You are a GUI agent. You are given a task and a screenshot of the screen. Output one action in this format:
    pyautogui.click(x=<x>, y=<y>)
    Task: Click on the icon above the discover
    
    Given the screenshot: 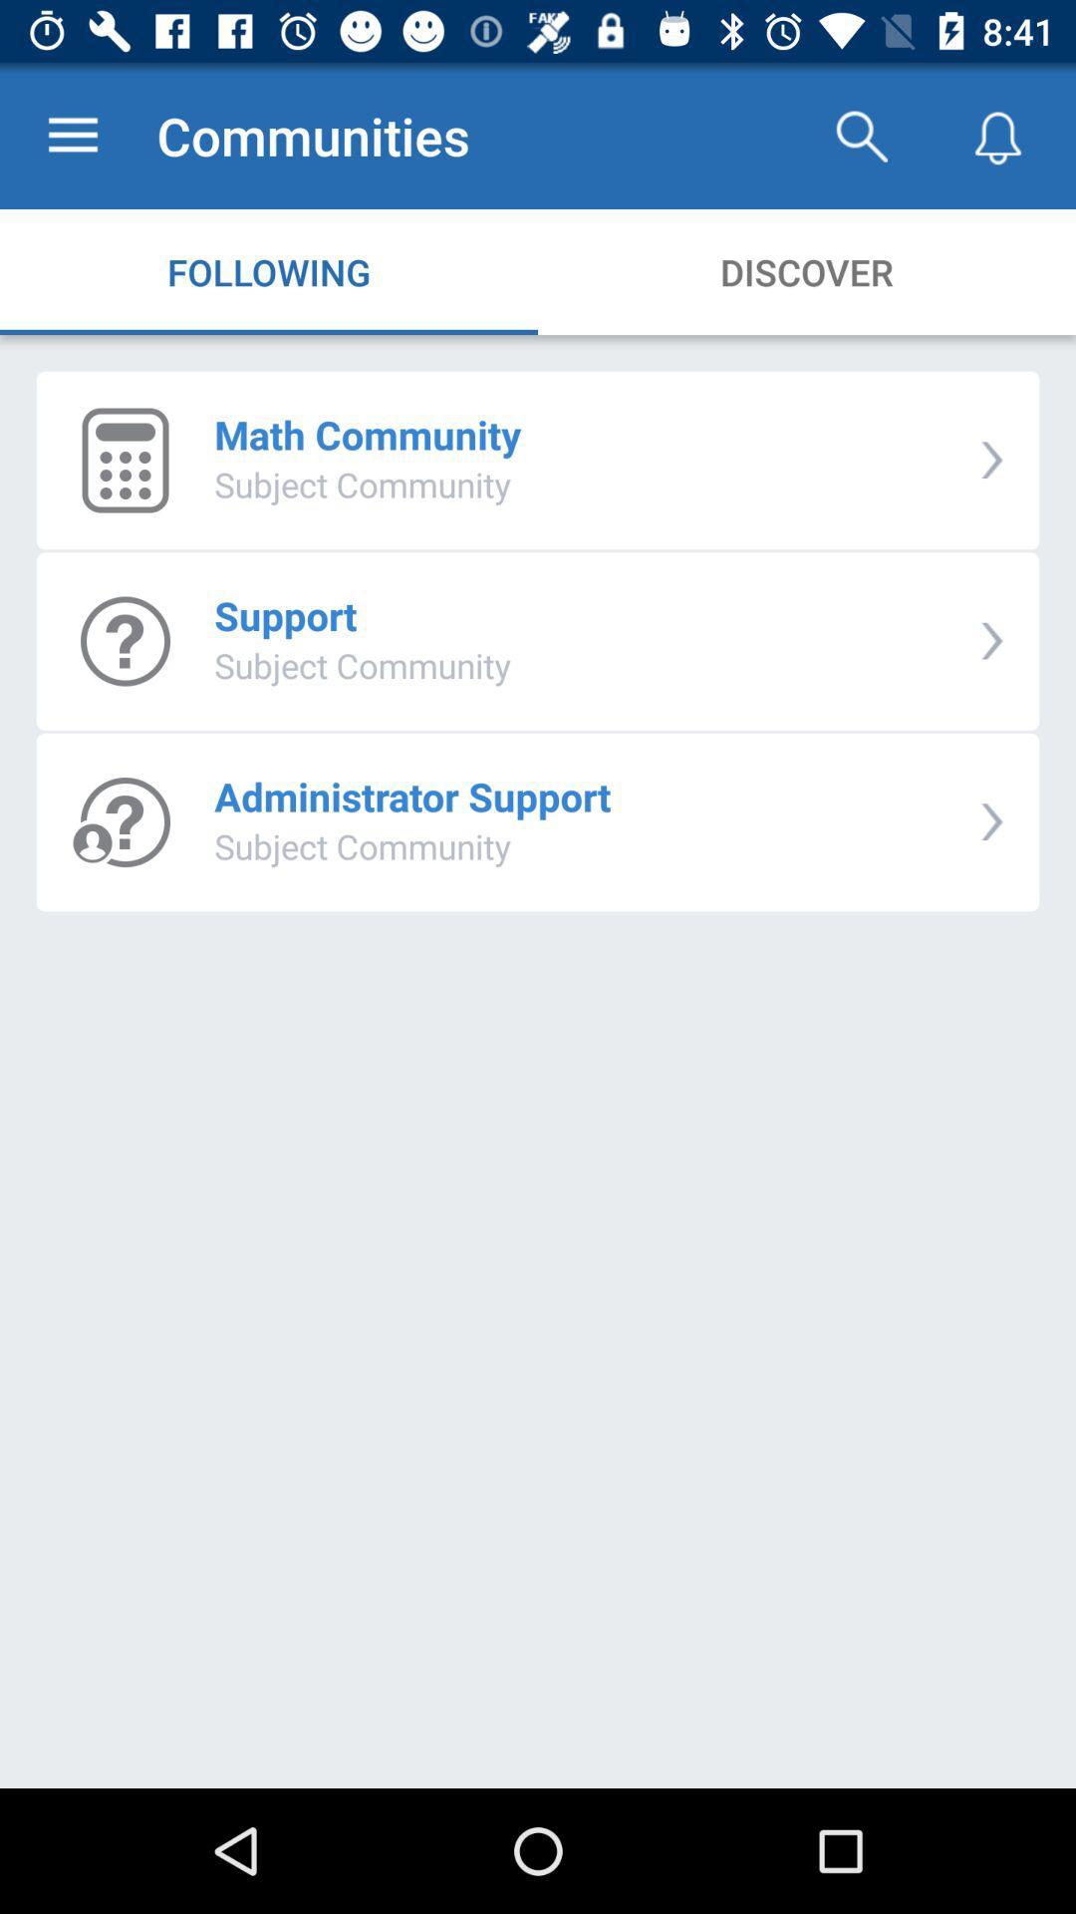 What is the action you would take?
    pyautogui.click(x=860, y=135)
    